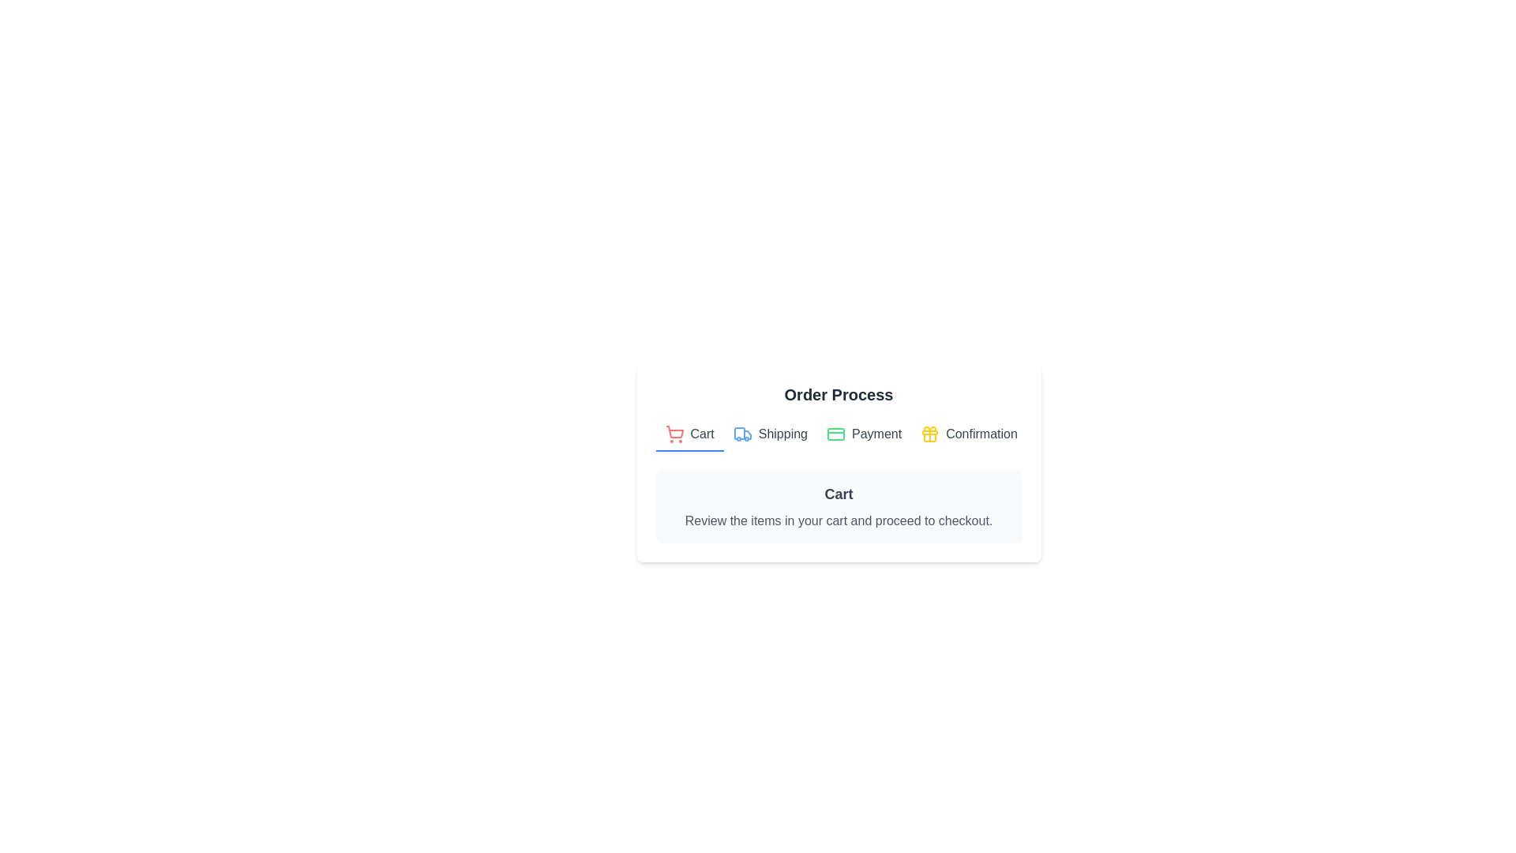 Image resolution: width=1516 pixels, height=853 pixels. Describe the element at coordinates (689, 435) in the screenshot. I see `the Cart tab to navigate to the corresponding step` at that location.